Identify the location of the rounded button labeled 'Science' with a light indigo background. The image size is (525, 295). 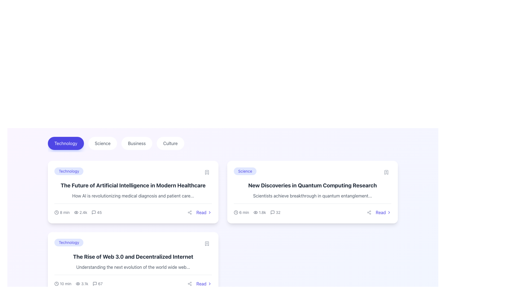
(245, 171).